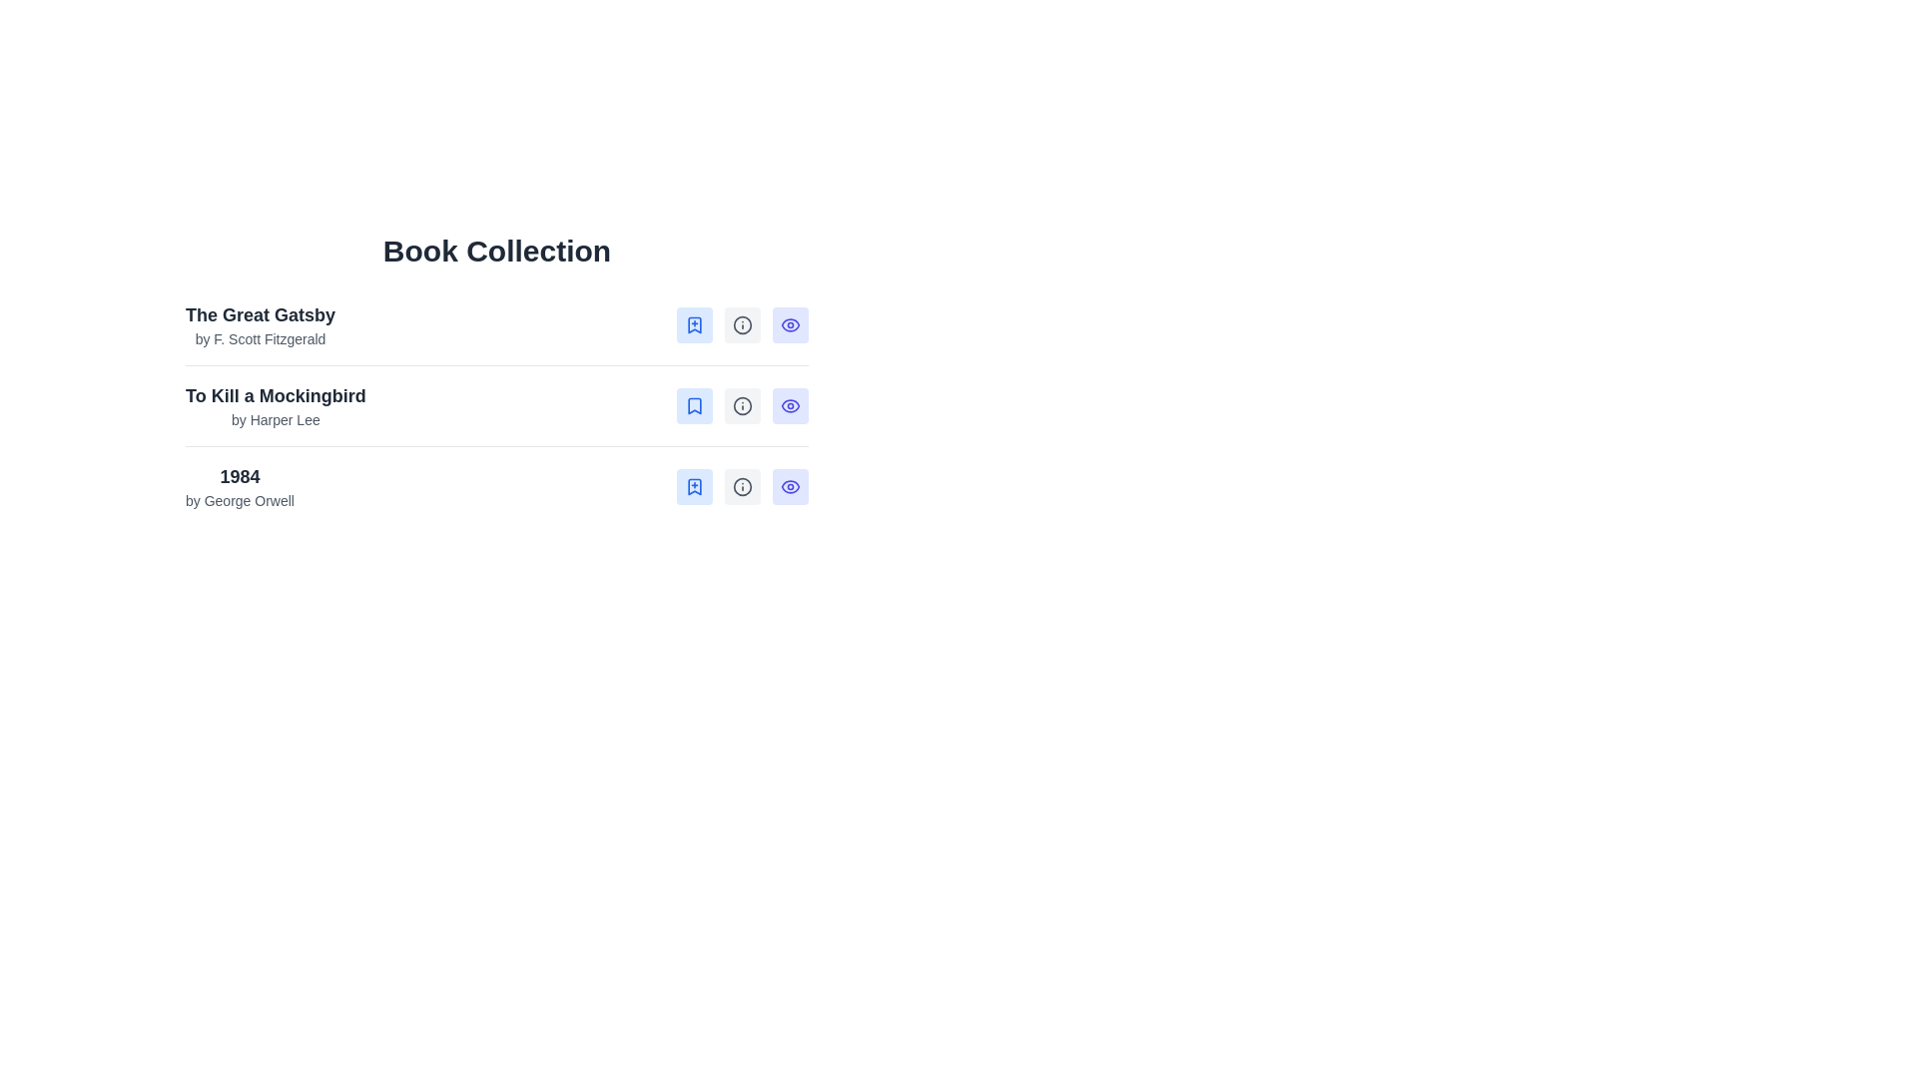 The image size is (1917, 1078). I want to click on the second book entry in the 'Book Collection' list, which displays 'To Kill a Mockingbird' by Harper Lee, so click(497, 380).